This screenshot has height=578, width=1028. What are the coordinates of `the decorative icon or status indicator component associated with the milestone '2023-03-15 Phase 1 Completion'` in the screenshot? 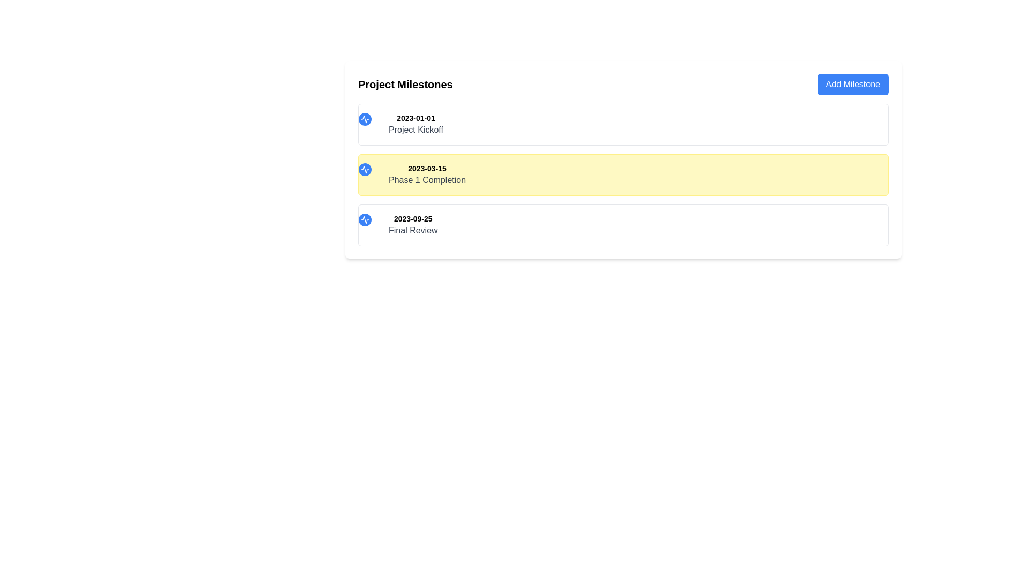 It's located at (365, 169).